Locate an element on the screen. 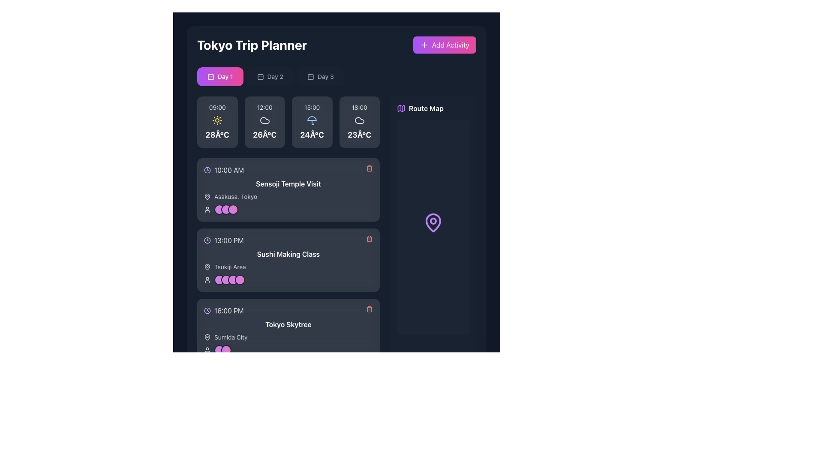 Image resolution: width=823 pixels, height=463 pixels. the text label indicating the location of the 'Sushi Making Class' event at 13:00 PM in the itinerary is located at coordinates (230, 267).